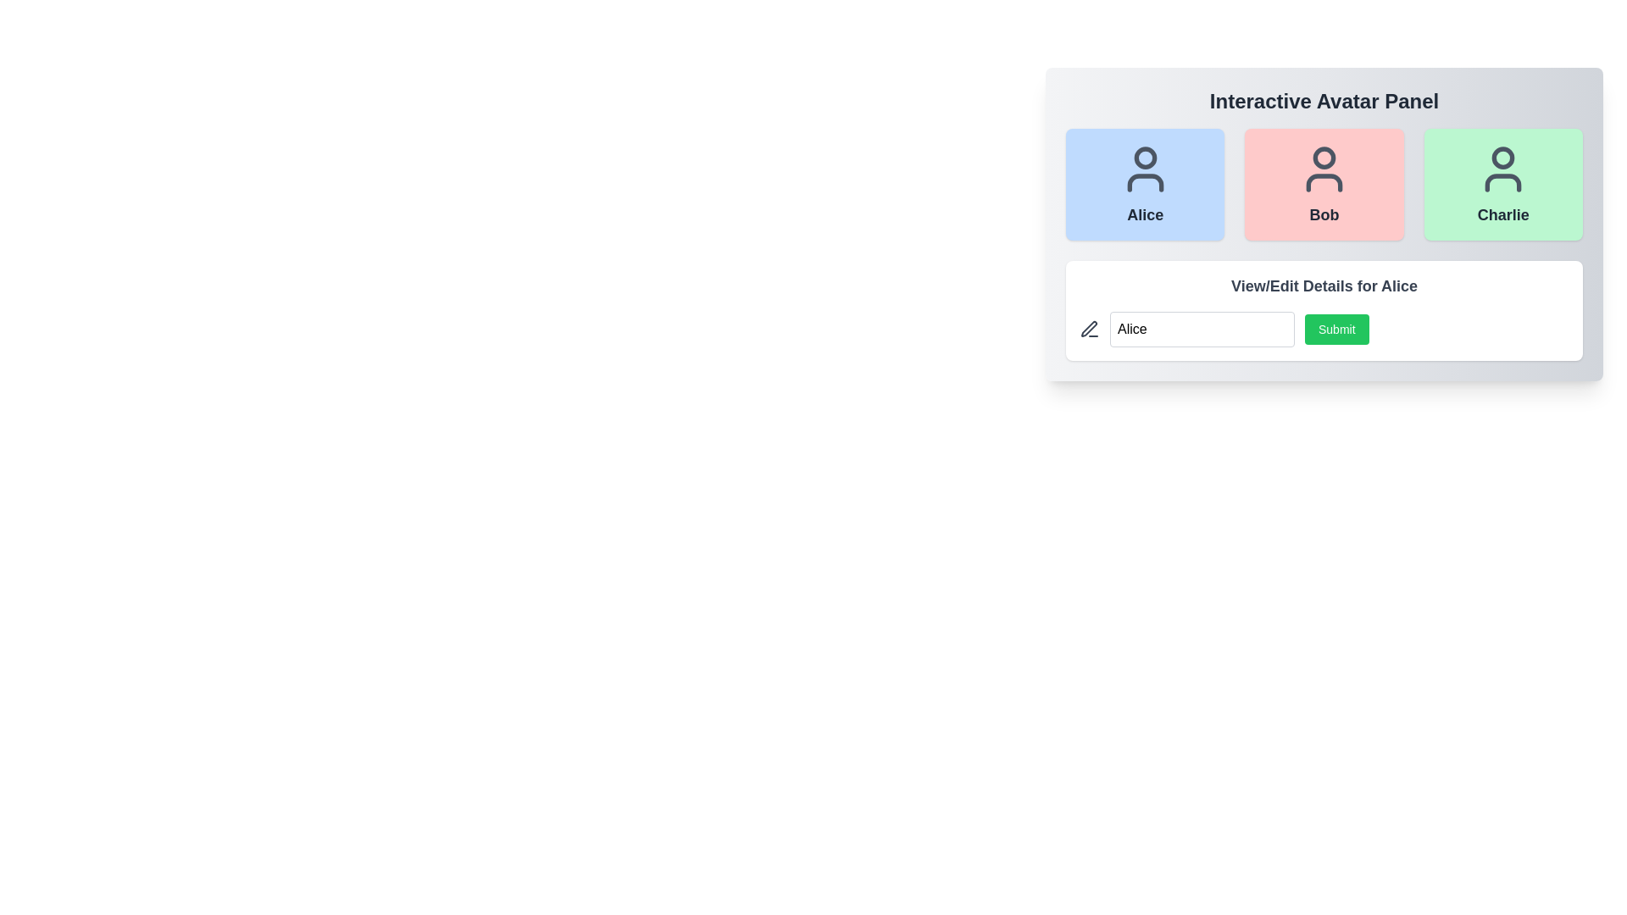 The width and height of the screenshot is (1627, 915). I want to click on the circular icon representing the avatar labeled 'Alice' located at the top-center of the avatar in the 'Interactive Avatar Panel', so click(1145, 158).